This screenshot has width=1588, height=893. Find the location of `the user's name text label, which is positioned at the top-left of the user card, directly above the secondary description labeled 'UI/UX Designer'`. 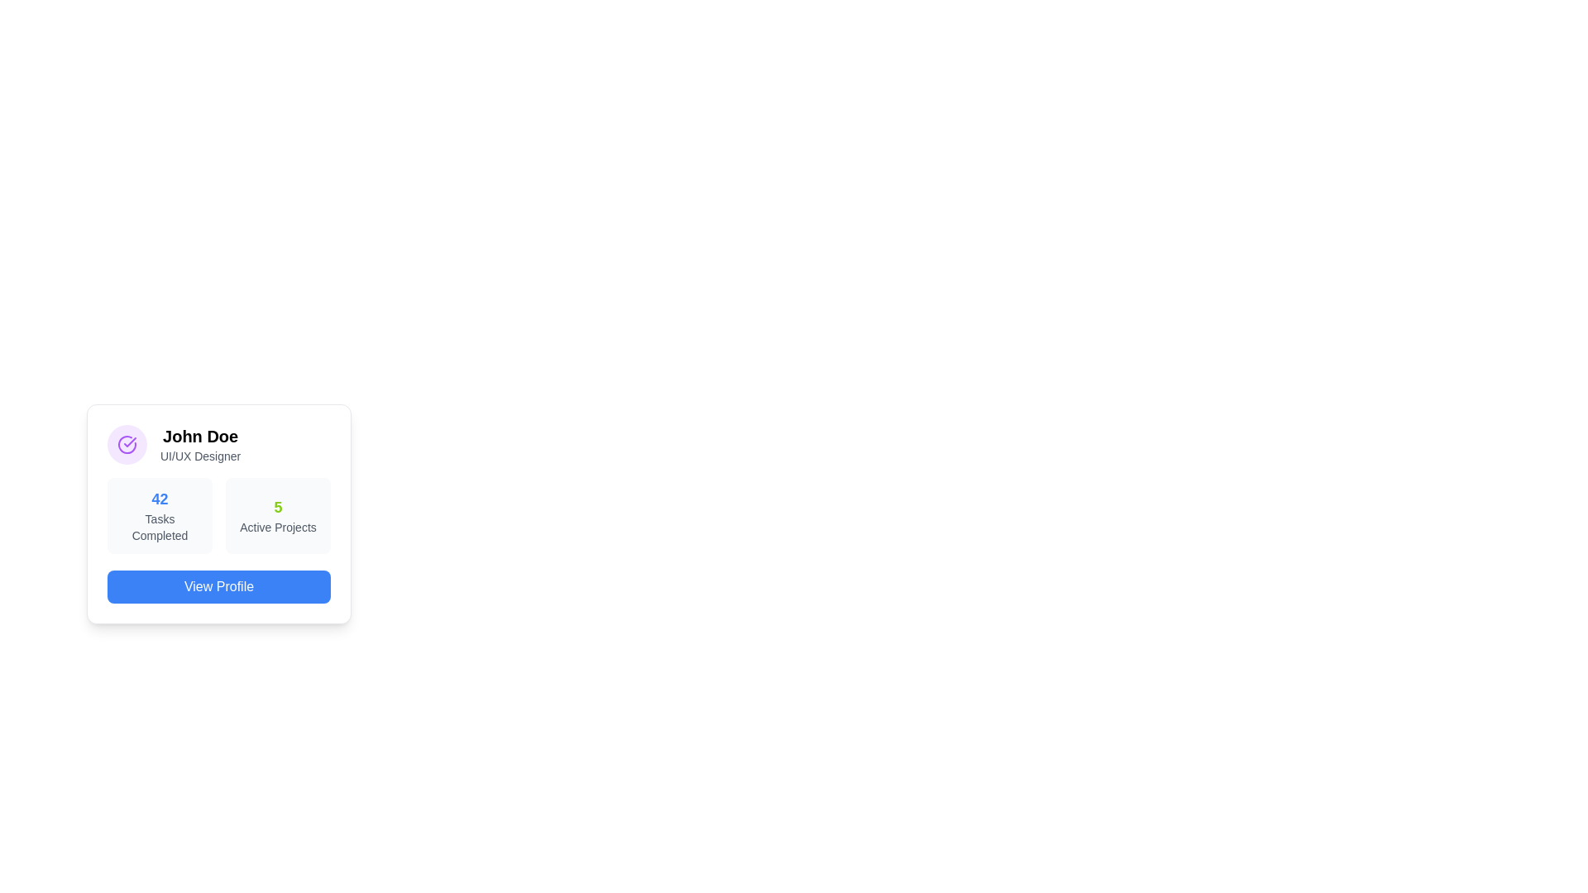

the user's name text label, which is positioned at the top-left of the user card, directly above the secondary description labeled 'UI/UX Designer' is located at coordinates (199, 436).